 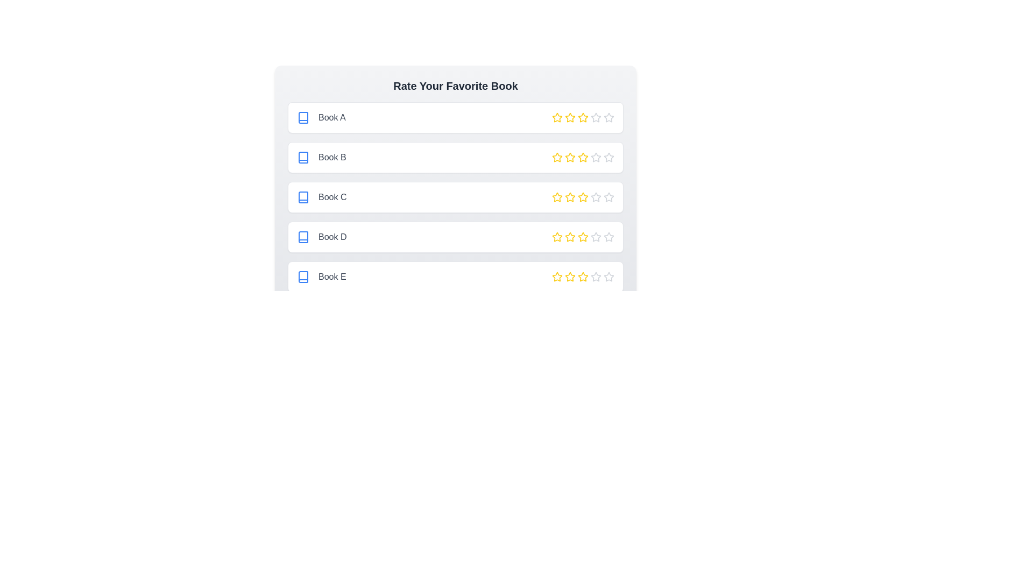 What do you see at coordinates (570, 236) in the screenshot?
I see `the star corresponding to 2 stars for the book titled Book D` at bounding box center [570, 236].